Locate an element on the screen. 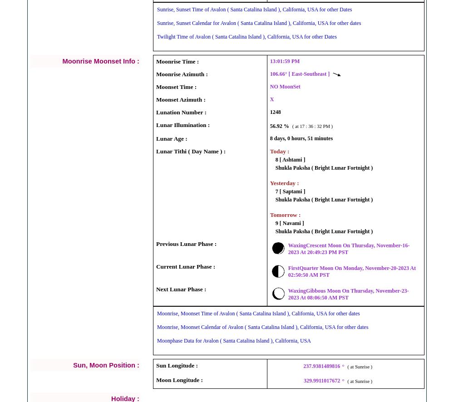  'Moonset Azimuth :' is located at coordinates (180, 99).